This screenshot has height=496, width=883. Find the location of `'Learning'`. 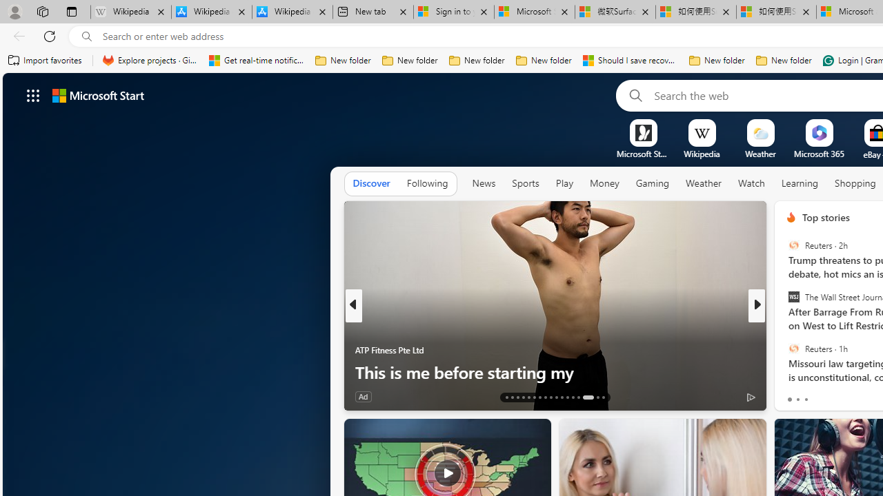

'Learning' is located at coordinates (800, 183).